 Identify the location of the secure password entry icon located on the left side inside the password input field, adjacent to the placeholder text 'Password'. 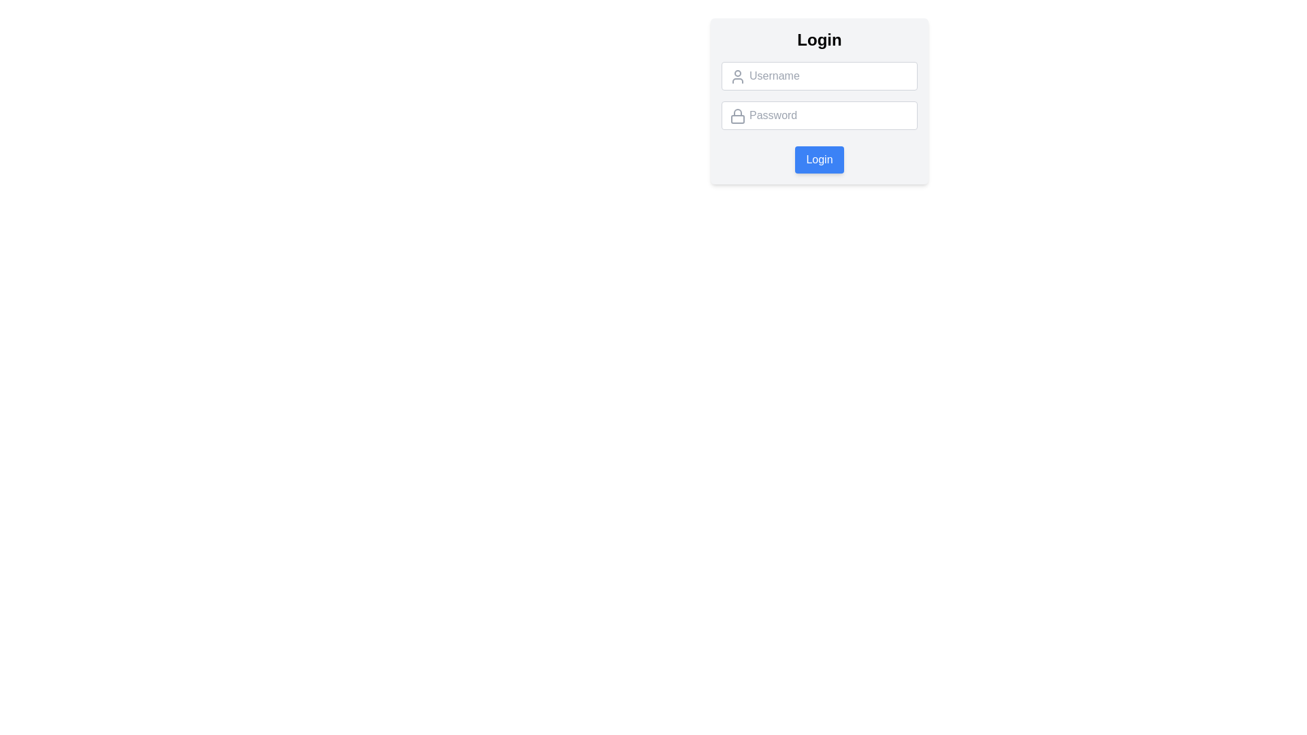
(737, 115).